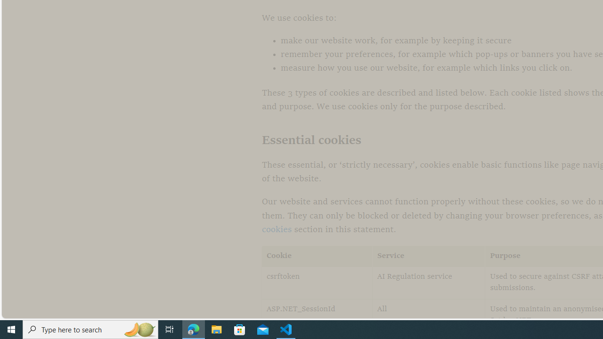  Describe the element at coordinates (169, 329) in the screenshot. I see `'Task View'` at that location.